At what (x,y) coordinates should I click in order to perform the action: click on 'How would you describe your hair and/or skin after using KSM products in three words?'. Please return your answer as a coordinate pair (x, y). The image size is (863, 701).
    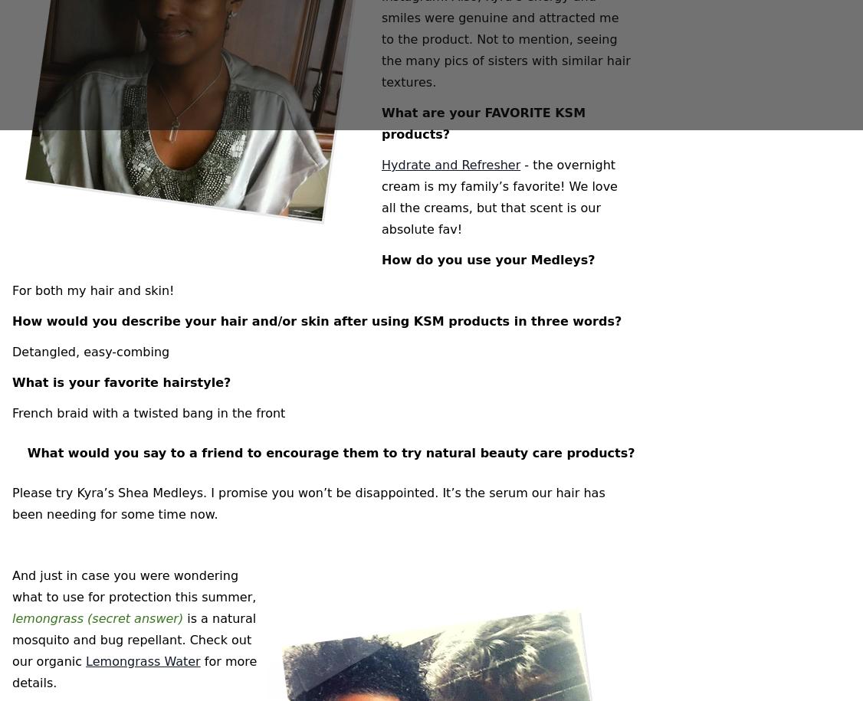
    Looking at the image, I should click on (316, 321).